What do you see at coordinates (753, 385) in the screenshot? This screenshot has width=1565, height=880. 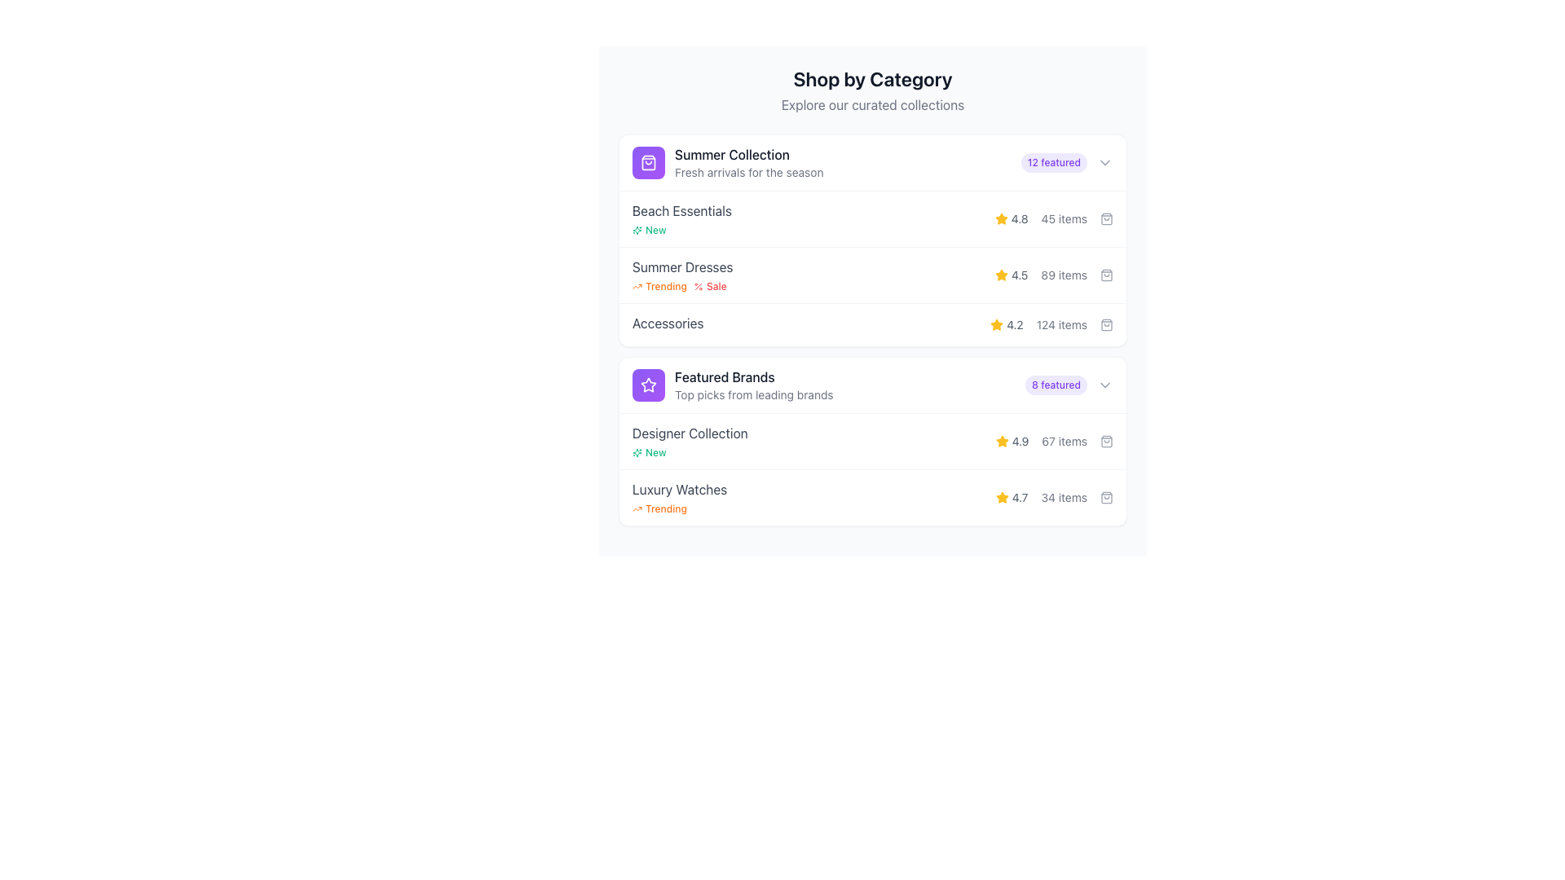 I see `the 'Featured Brands' text block, which is the fourth entry in the list under 'Shop by Category'` at bounding box center [753, 385].